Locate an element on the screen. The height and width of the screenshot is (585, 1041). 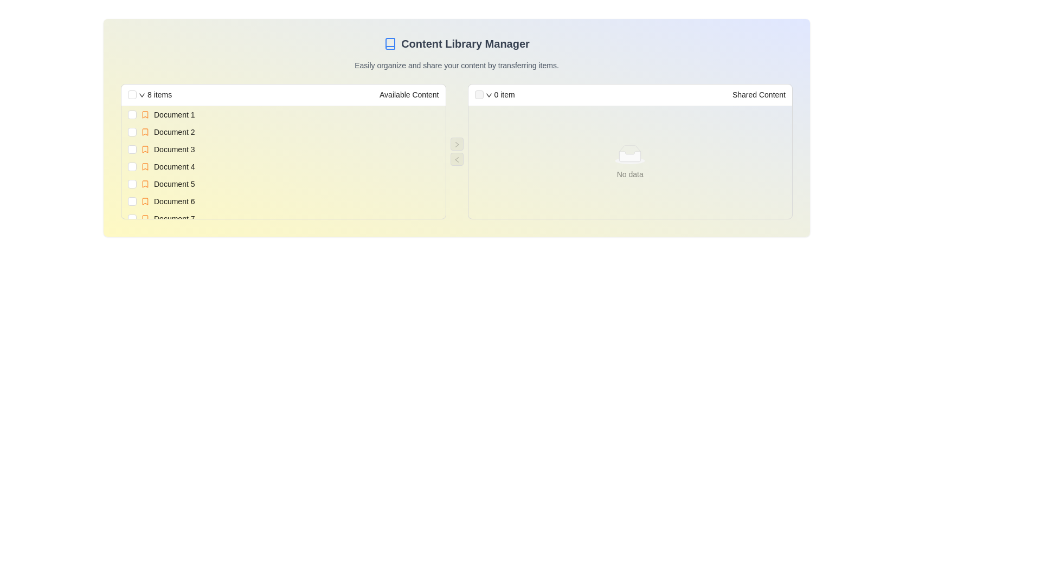
the checkbox associated with 'Document 6' in the 'Available Content' section is located at coordinates (132, 201).